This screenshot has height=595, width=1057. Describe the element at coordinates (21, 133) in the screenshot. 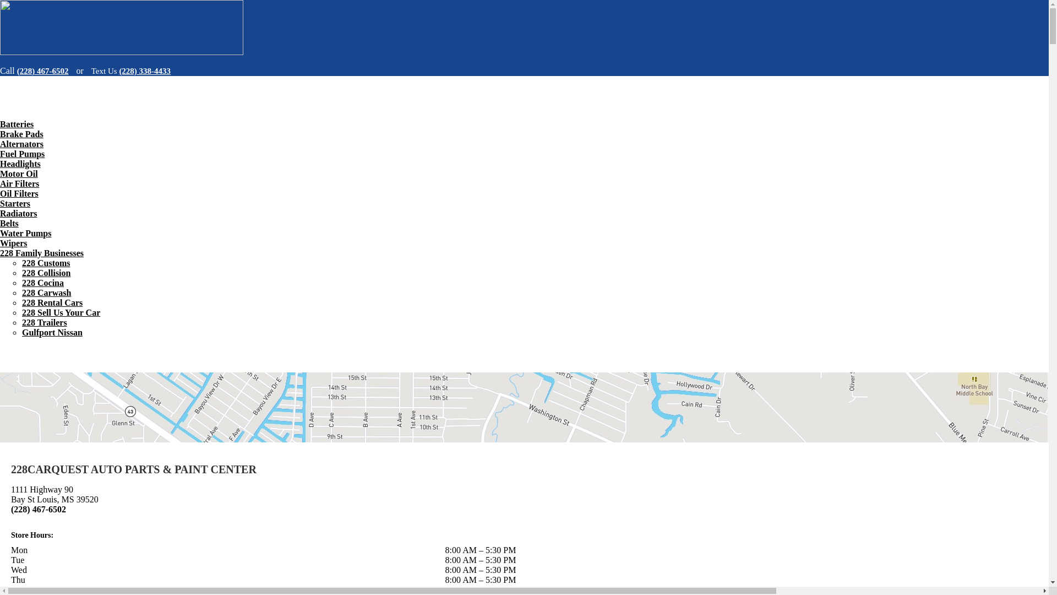

I see `'Brake Pads'` at that location.